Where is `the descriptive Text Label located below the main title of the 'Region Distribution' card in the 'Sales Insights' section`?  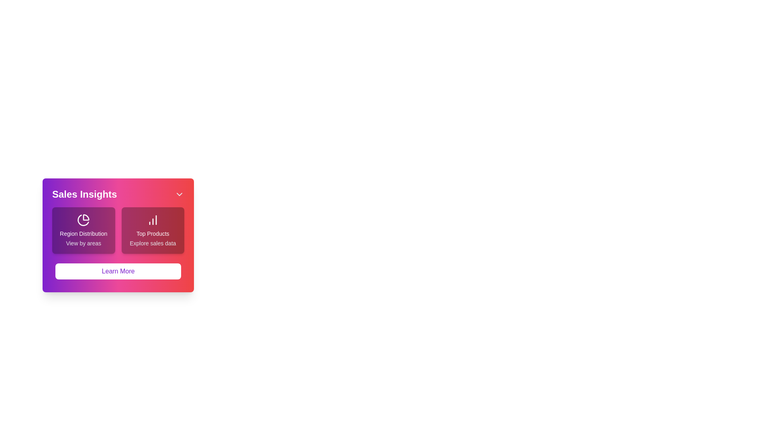
the descriptive Text Label located below the main title of the 'Region Distribution' card in the 'Sales Insights' section is located at coordinates (84, 243).